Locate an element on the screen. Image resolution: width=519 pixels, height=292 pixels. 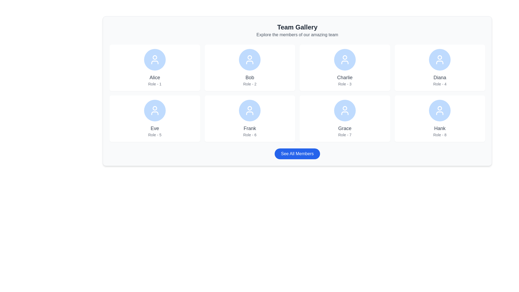
text label displaying 'Role - 7' that is styled in a smaller font and gray color, positioned below the name 'Grace' within the card layout is located at coordinates (344, 134).